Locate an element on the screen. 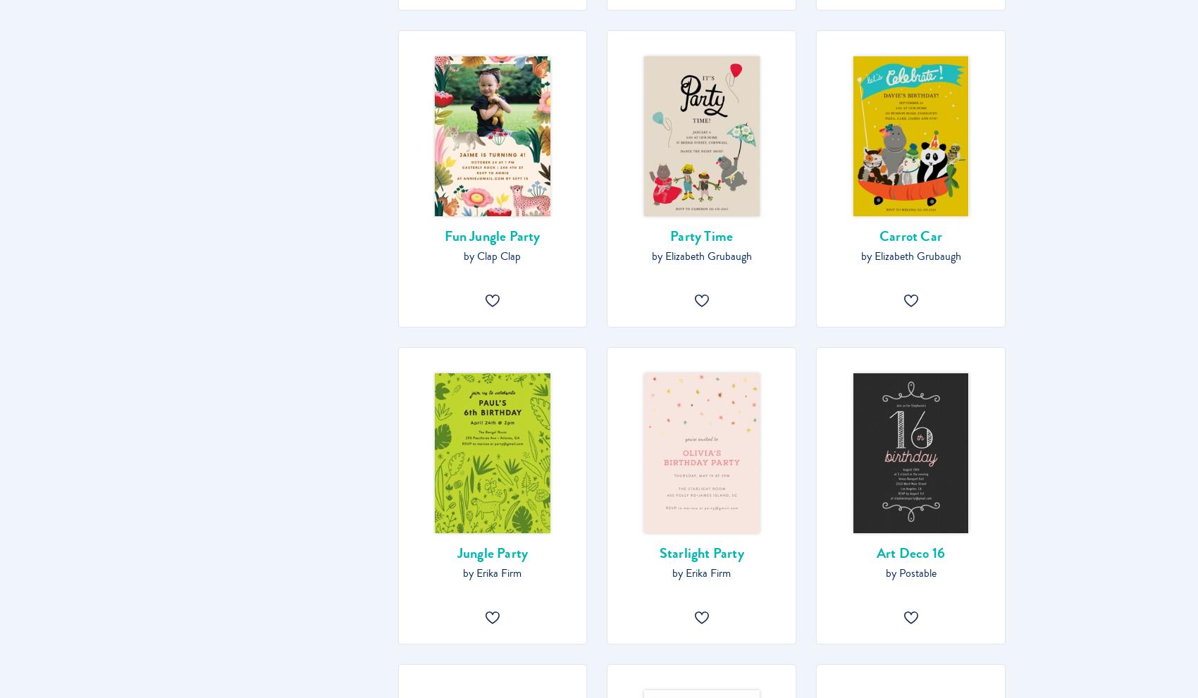 This screenshot has width=1198, height=698. 'Clap Clap' is located at coordinates (499, 255).